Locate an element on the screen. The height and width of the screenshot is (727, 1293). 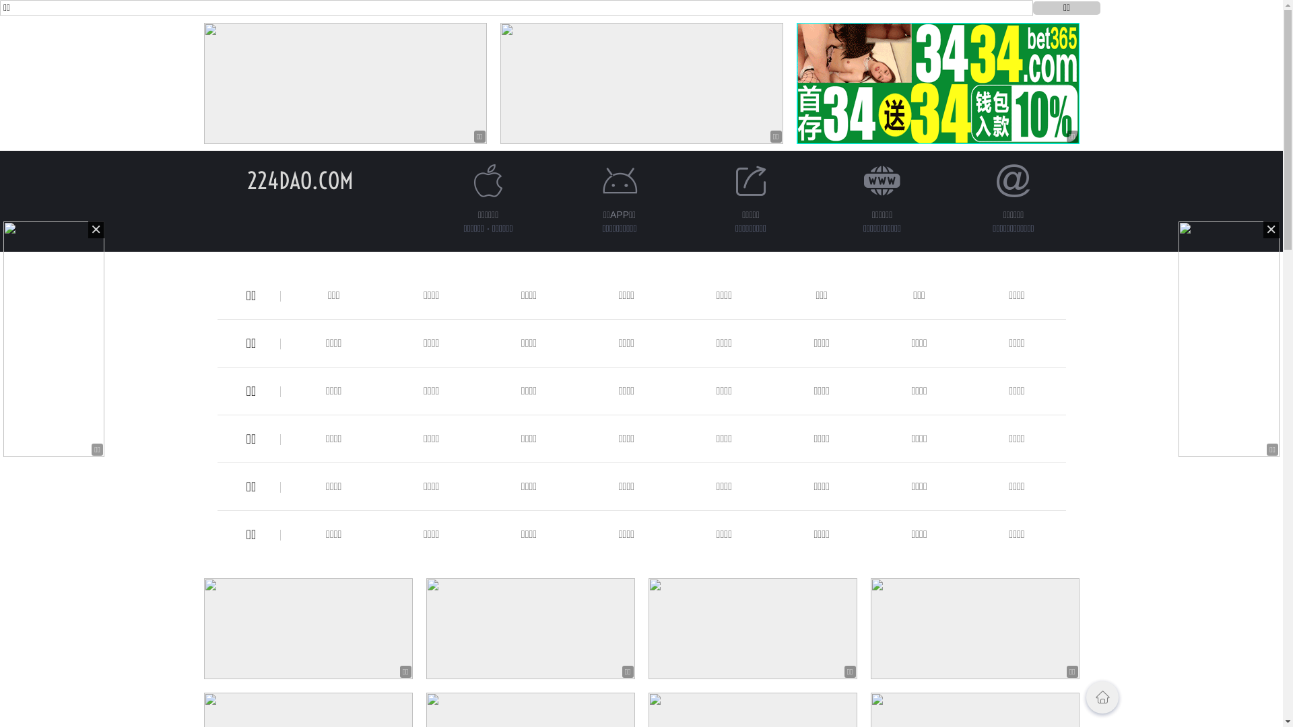
'224DAO.COM' is located at coordinates (299, 180).